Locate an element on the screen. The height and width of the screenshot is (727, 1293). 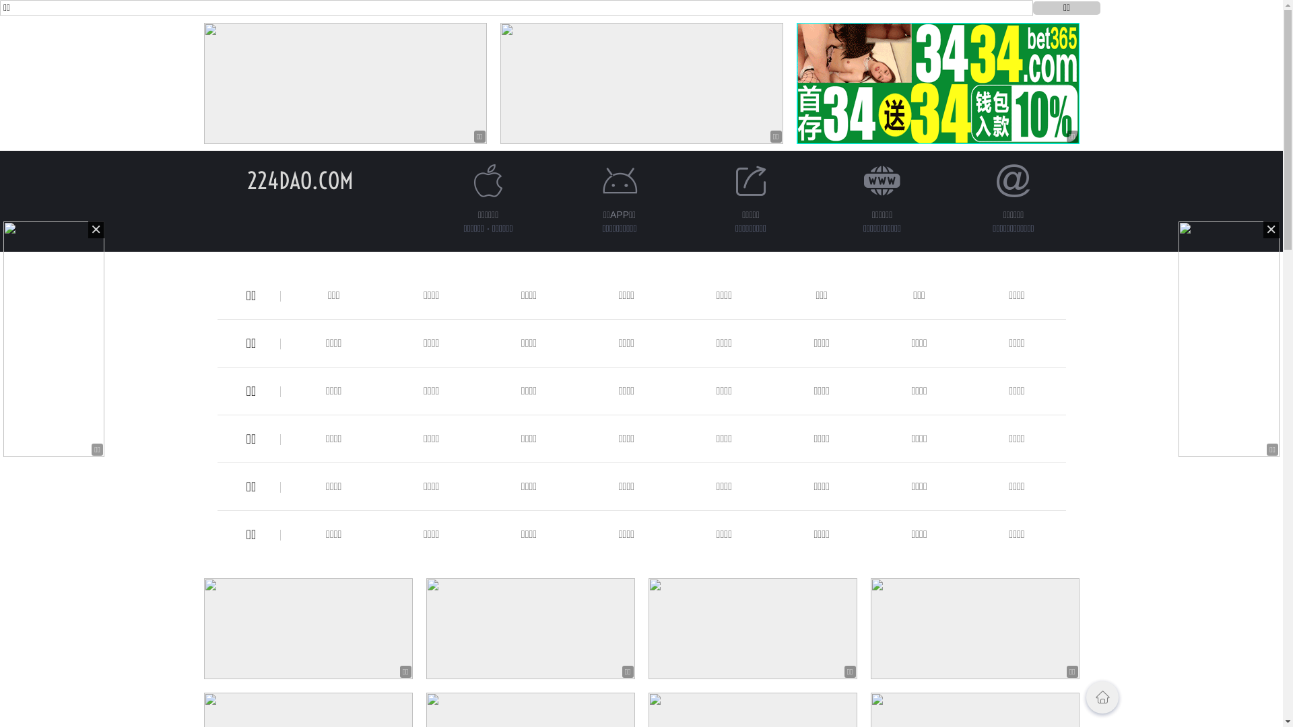
'224DAO.COM' is located at coordinates (299, 180).